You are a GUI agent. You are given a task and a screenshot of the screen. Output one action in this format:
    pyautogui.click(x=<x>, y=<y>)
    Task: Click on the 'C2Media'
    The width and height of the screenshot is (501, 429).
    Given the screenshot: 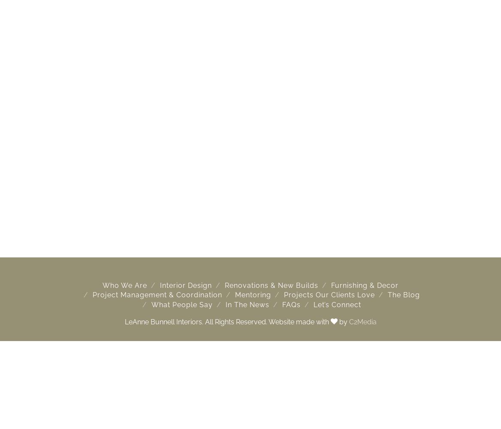 What is the action you would take?
    pyautogui.click(x=362, y=322)
    